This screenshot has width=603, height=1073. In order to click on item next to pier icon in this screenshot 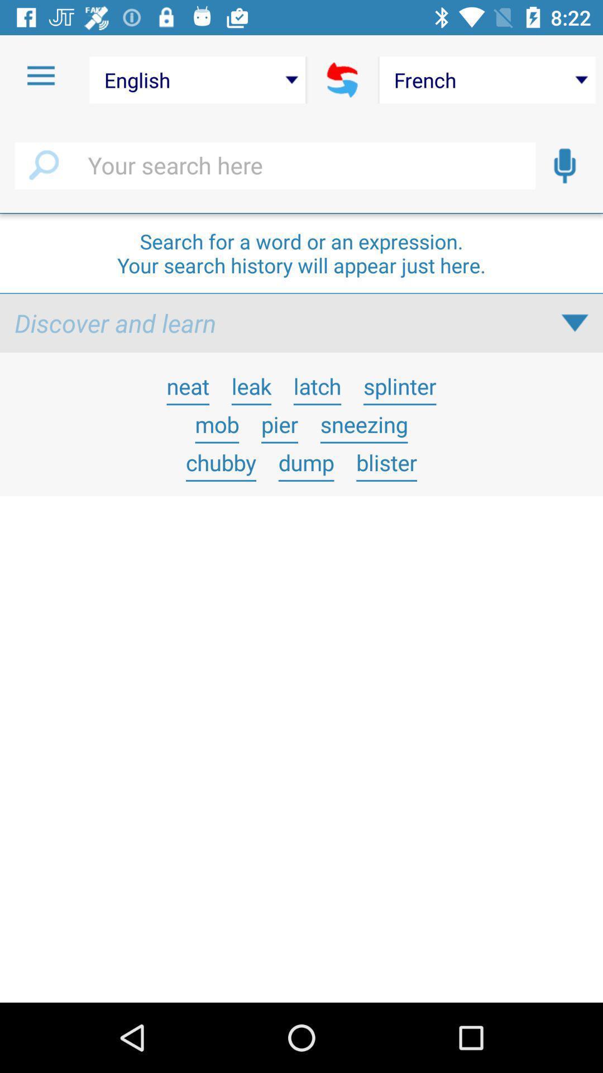, I will do `click(217, 424)`.